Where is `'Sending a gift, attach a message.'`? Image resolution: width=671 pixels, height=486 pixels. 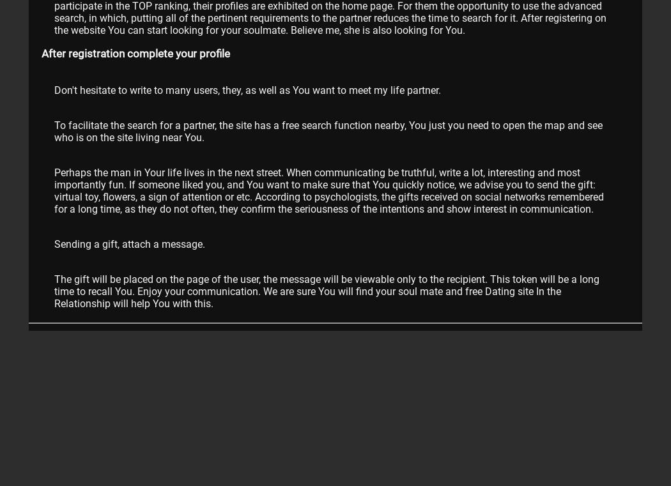 'Sending a gift, attach a message.' is located at coordinates (54, 243).